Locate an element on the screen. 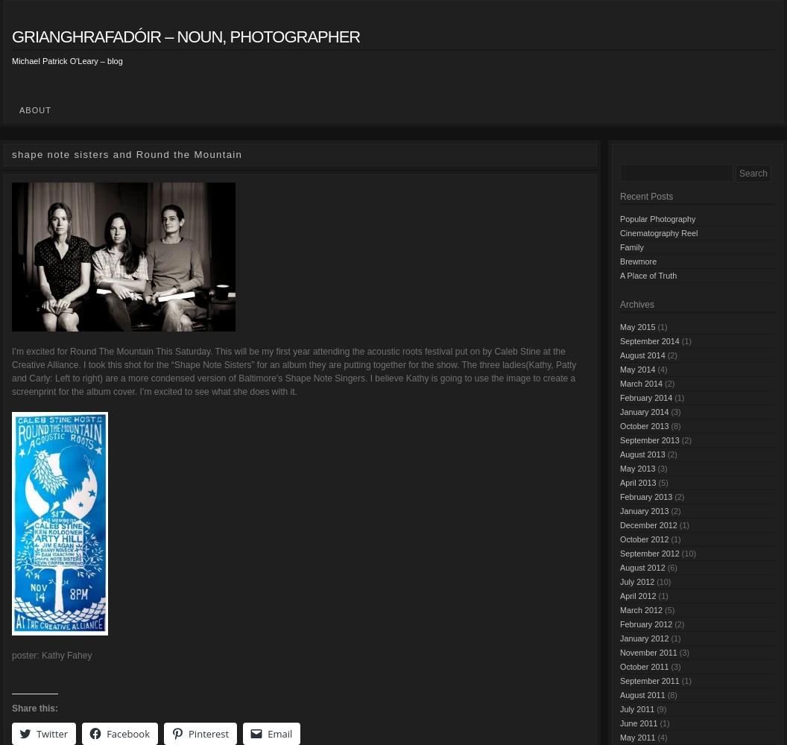 This screenshot has height=745, width=787. 'April 2013' is located at coordinates (637, 482).